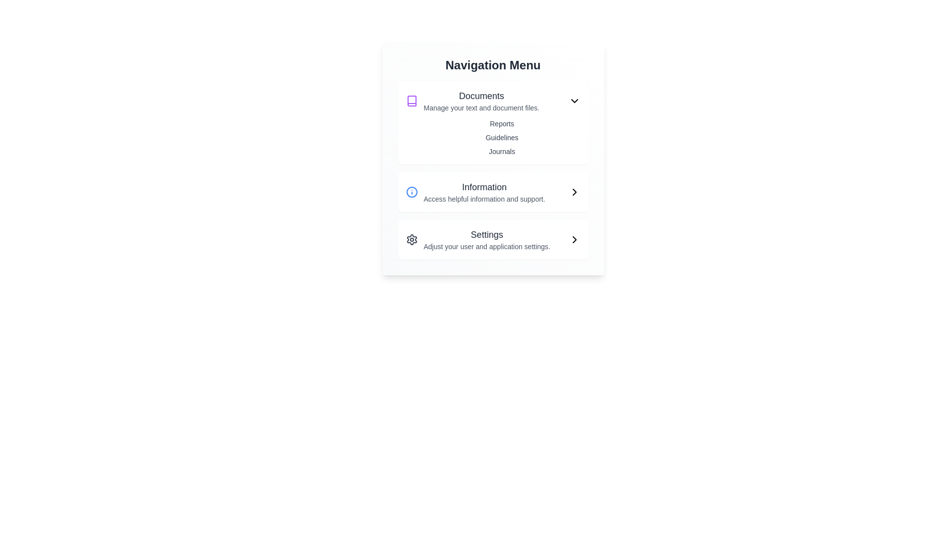 The height and width of the screenshot is (535, 952). I want to click on the second text label in the 'Navigation Menu', so click(484, 192).